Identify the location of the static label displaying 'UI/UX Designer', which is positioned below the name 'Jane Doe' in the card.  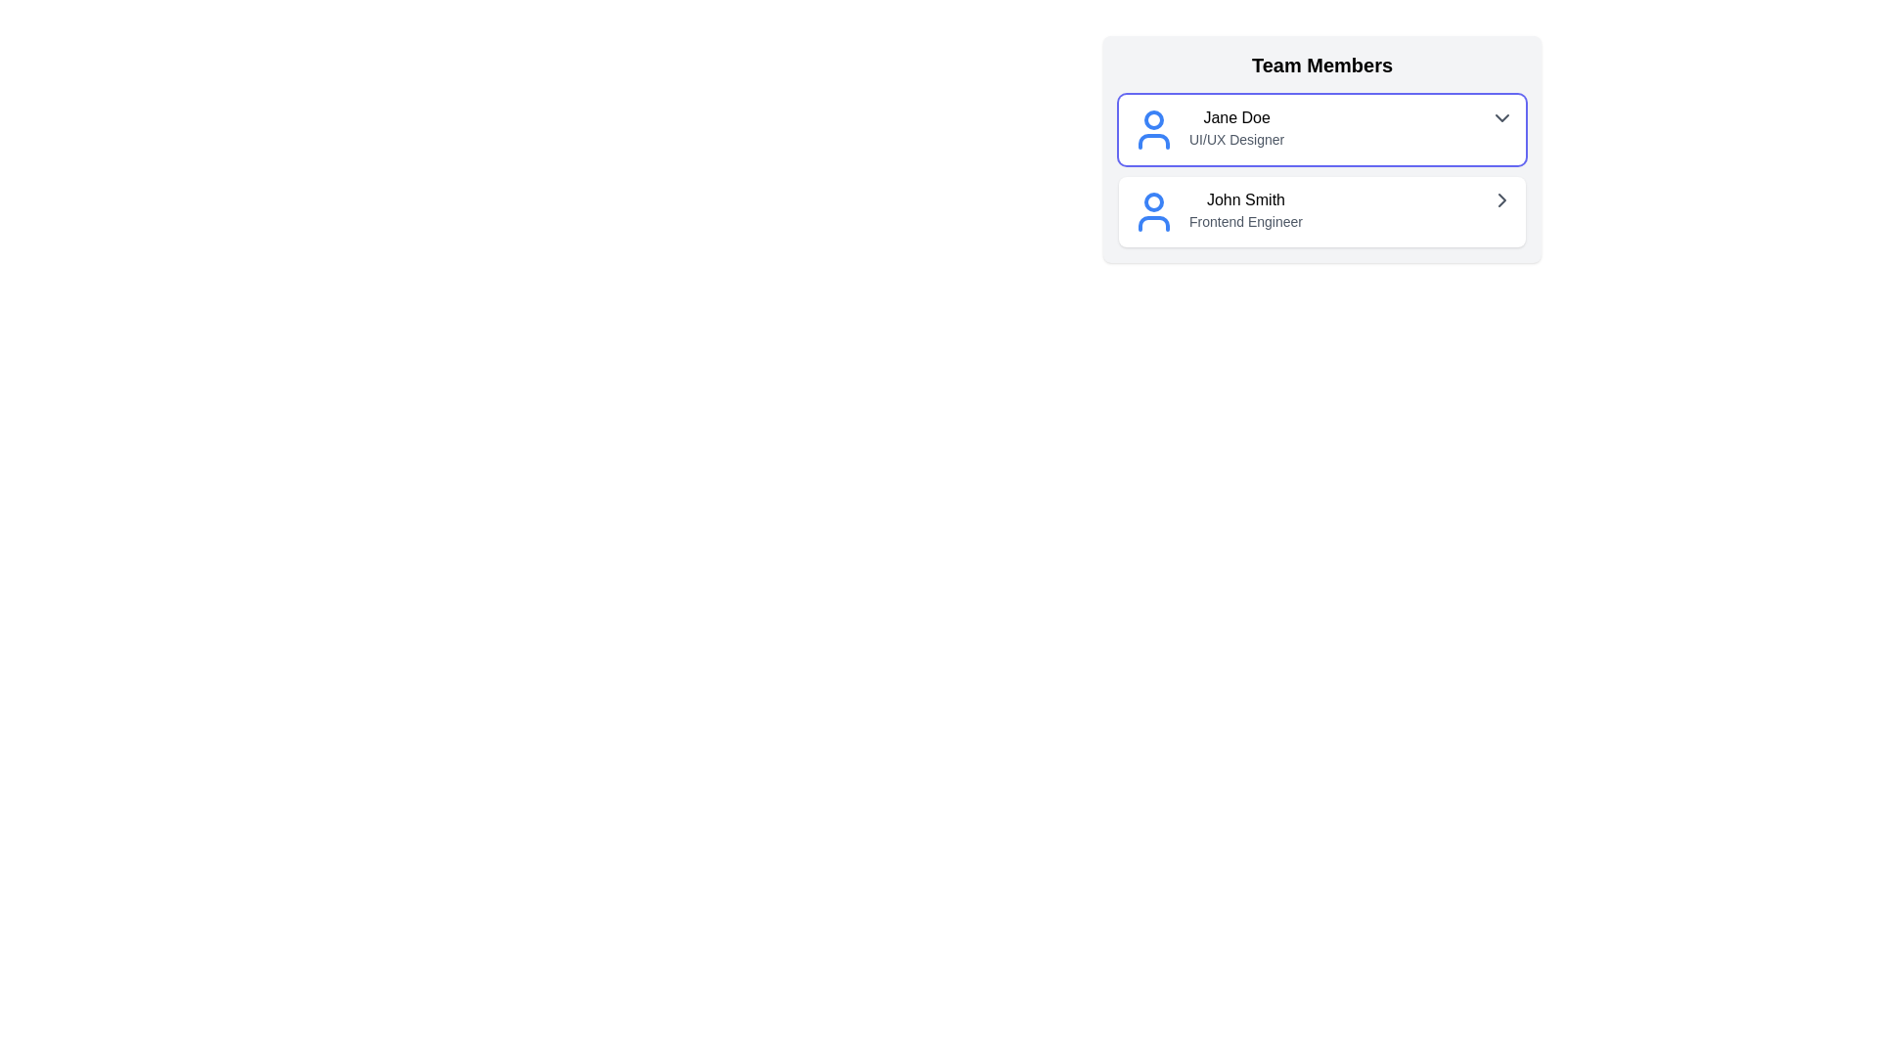
(1235, 138).